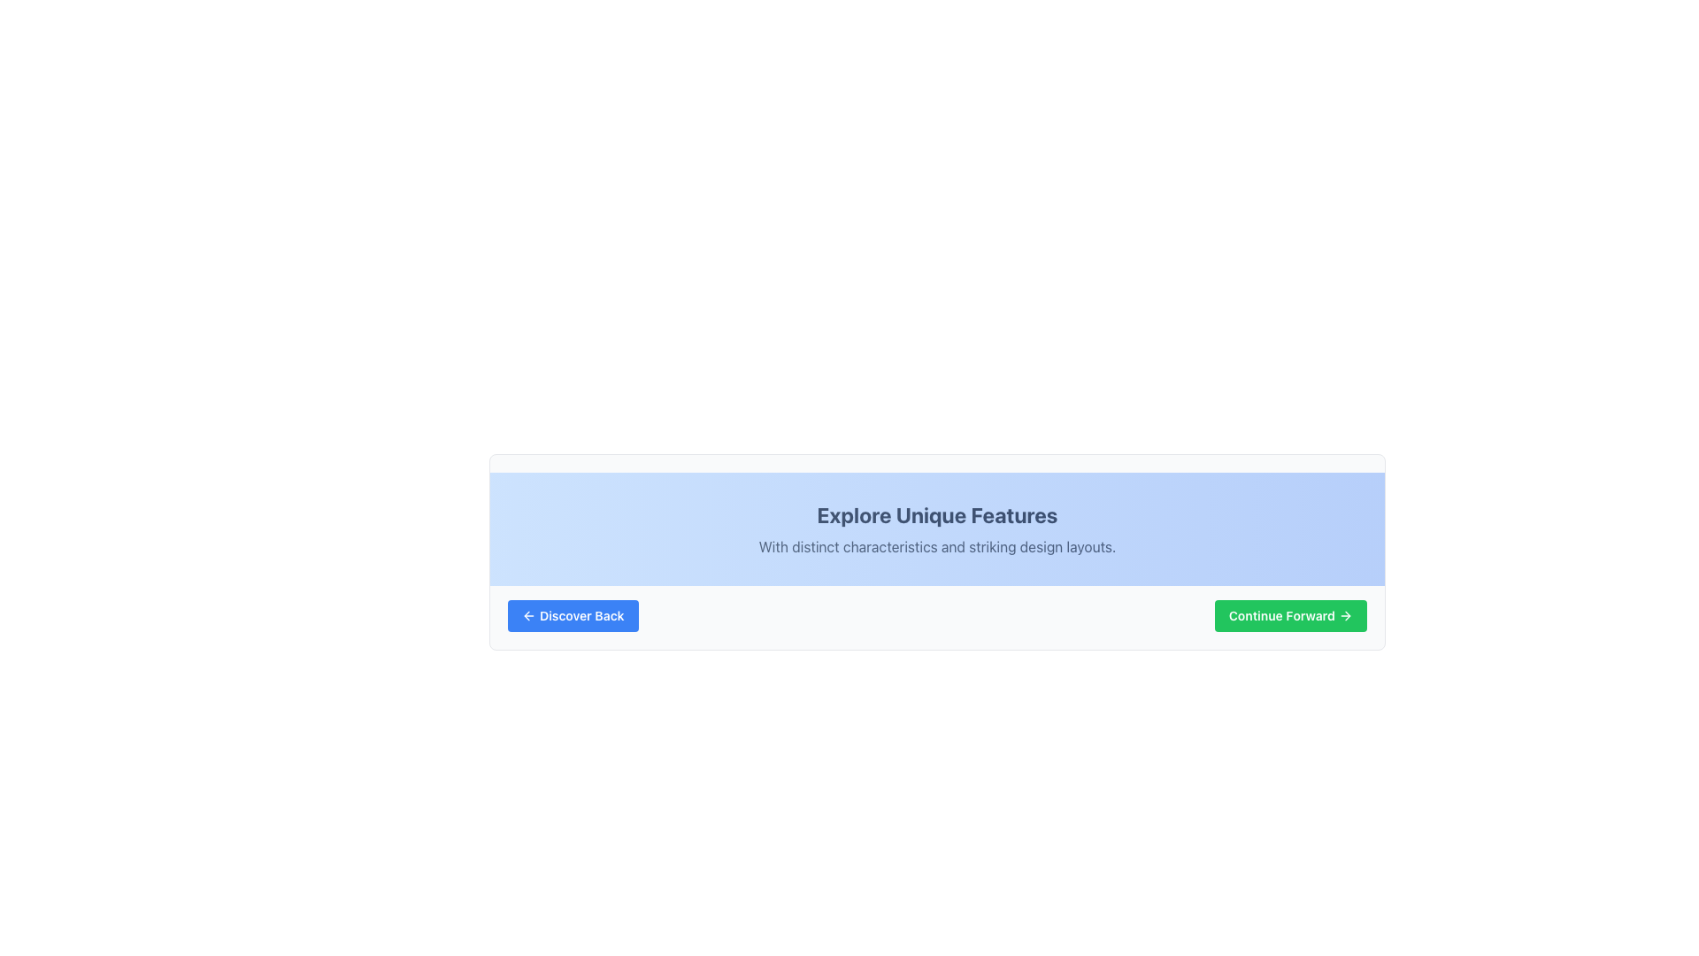 This screenshot has width=1699, height=956. Describe the element at coordinates (1345, 614) in the screenshot. I see `the arrow icon located at the rightmost section of the green button labeled 'Continue Forward'` at that location.